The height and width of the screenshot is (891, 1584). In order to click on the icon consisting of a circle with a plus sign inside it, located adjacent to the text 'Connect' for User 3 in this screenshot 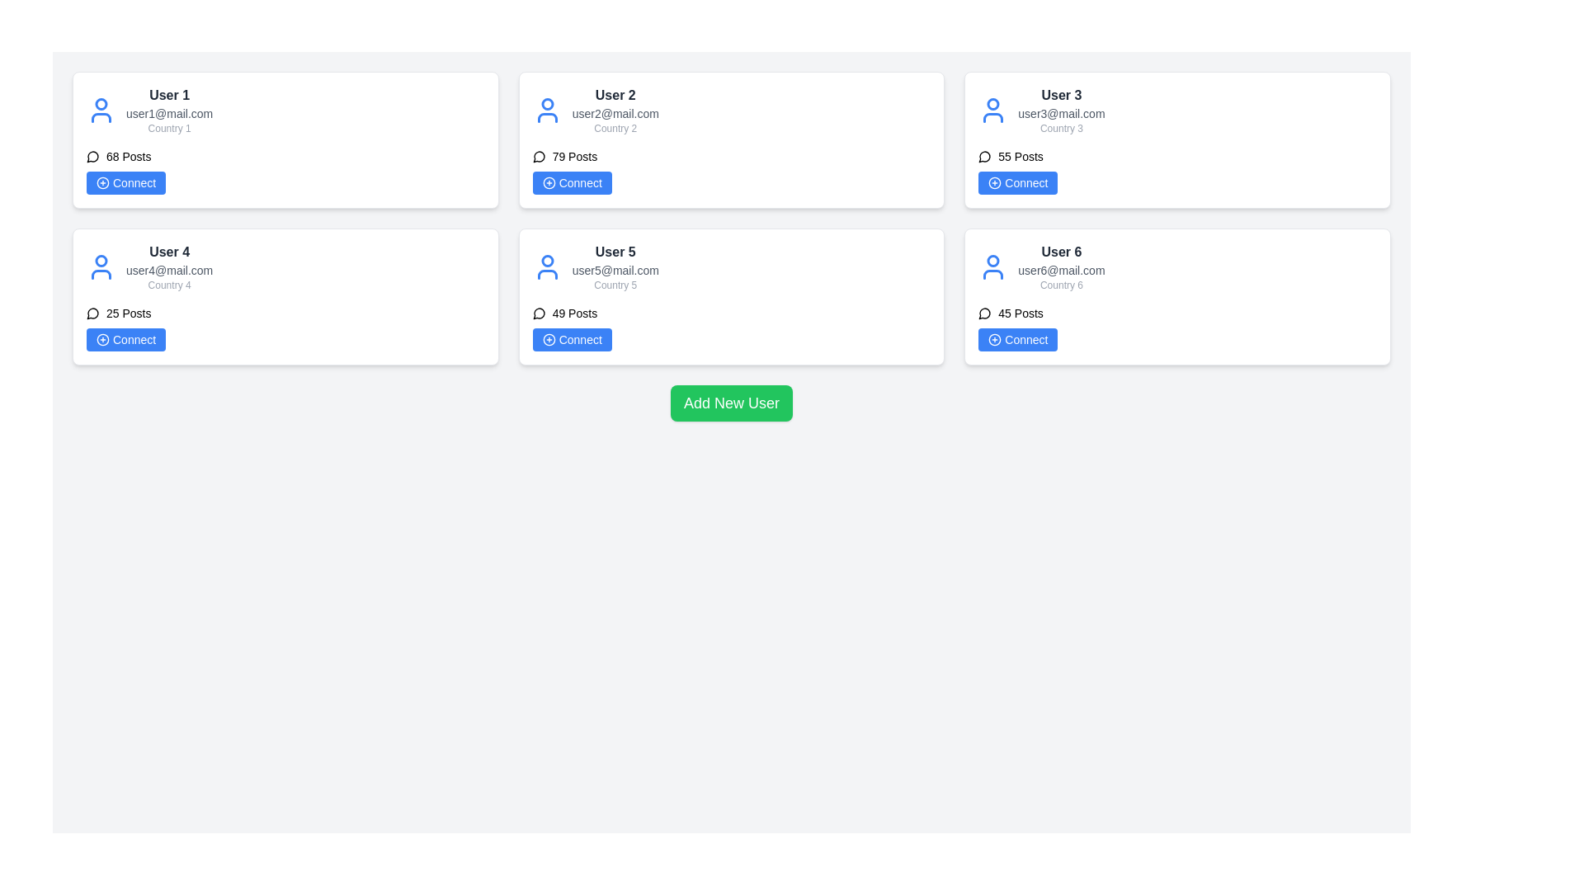, I will do `click(994, 183)`.